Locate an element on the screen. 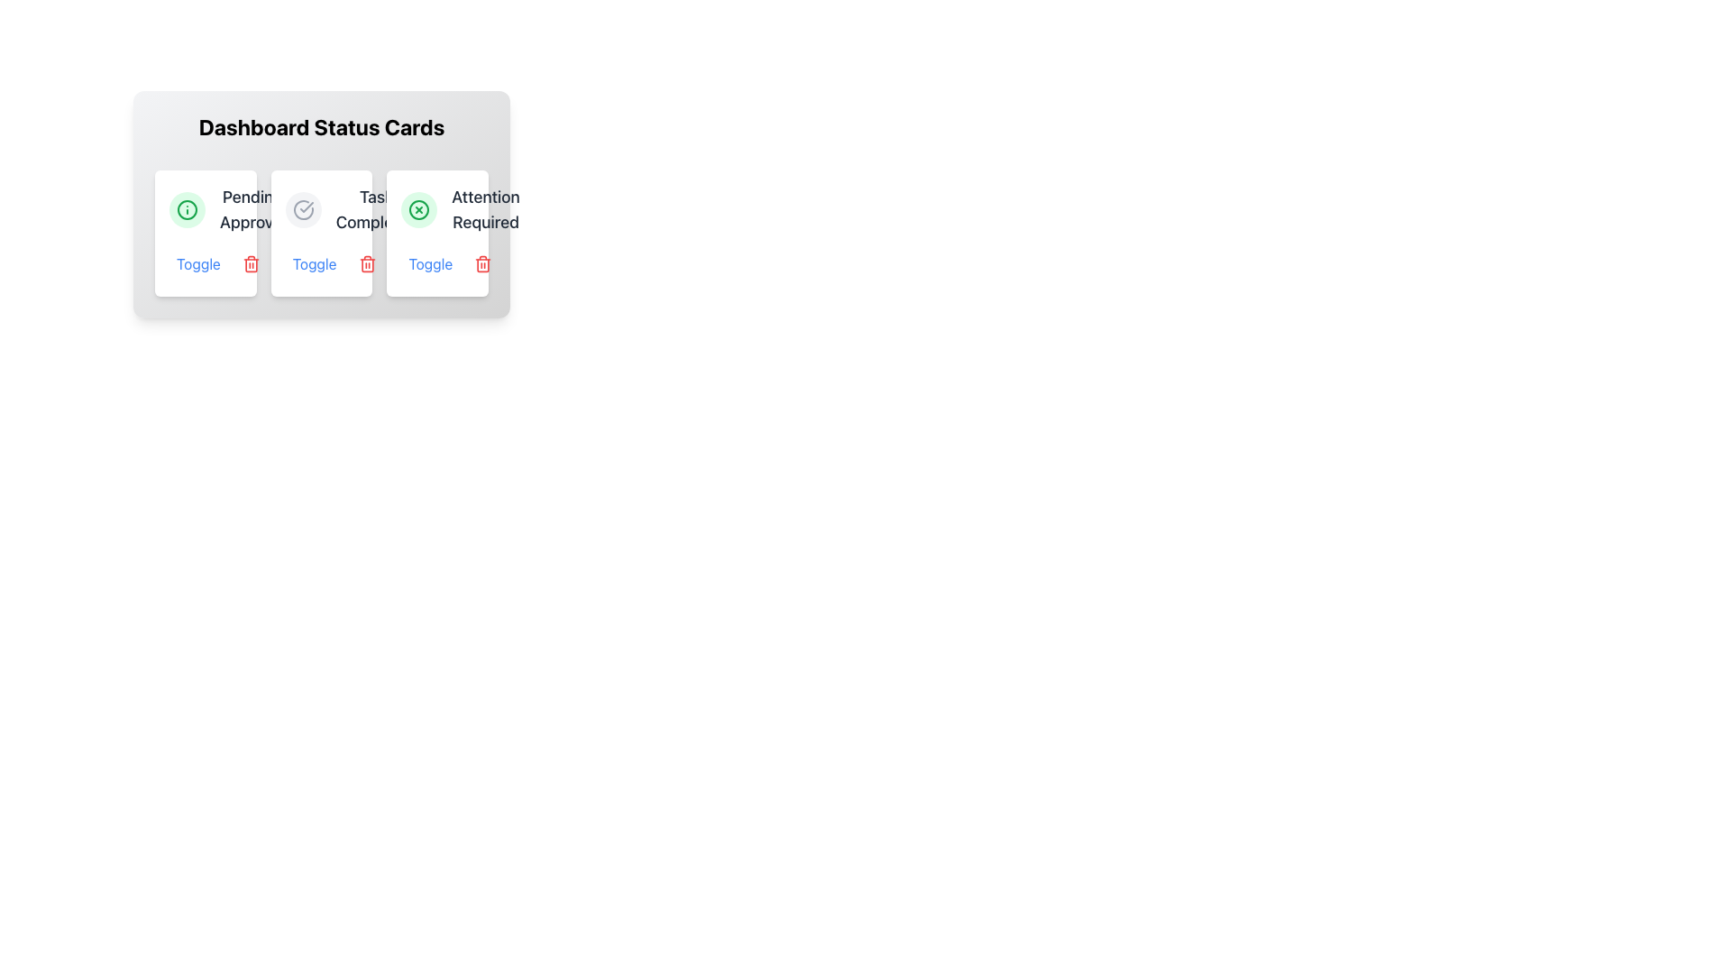  the text label 'Attention Required' located at the bottom-right corner of the card in the 'Dashboard Status Cards' section, beneath a green circular icon with a cross symbol is located at coordinates (486, 208).